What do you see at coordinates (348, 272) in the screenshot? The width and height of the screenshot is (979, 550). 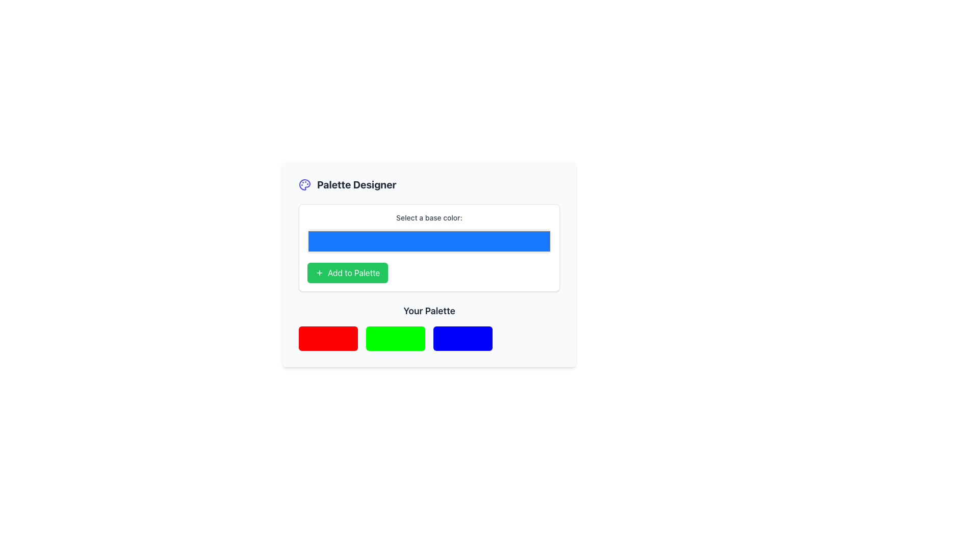 I see `the button that adds the selected color to the palette, located below the color selector input field and within the same grouping` at bounding box center [348, 272].